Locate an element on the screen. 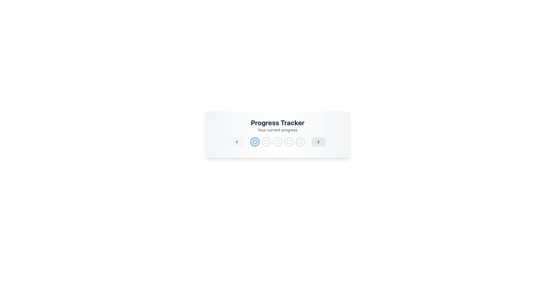 Image resolution: width=544 pixels, height=306 pixels. the title section that presents information about the user's progress, which is centrally located above a row of circular step indicators is located at coordinates (277, 125).